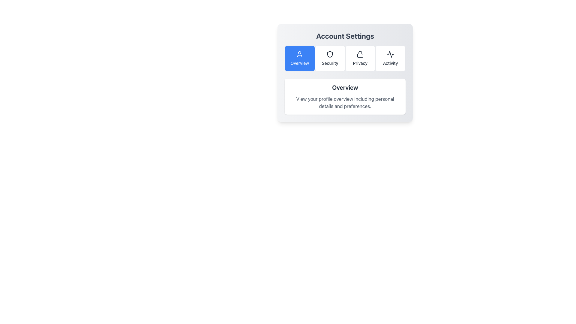  Describe the element at coordinates (390, 54) in the screenshot. I see `the rounded rectangular button labeled 'Activity' which is located in the upper-right corner of the interface` at that location.